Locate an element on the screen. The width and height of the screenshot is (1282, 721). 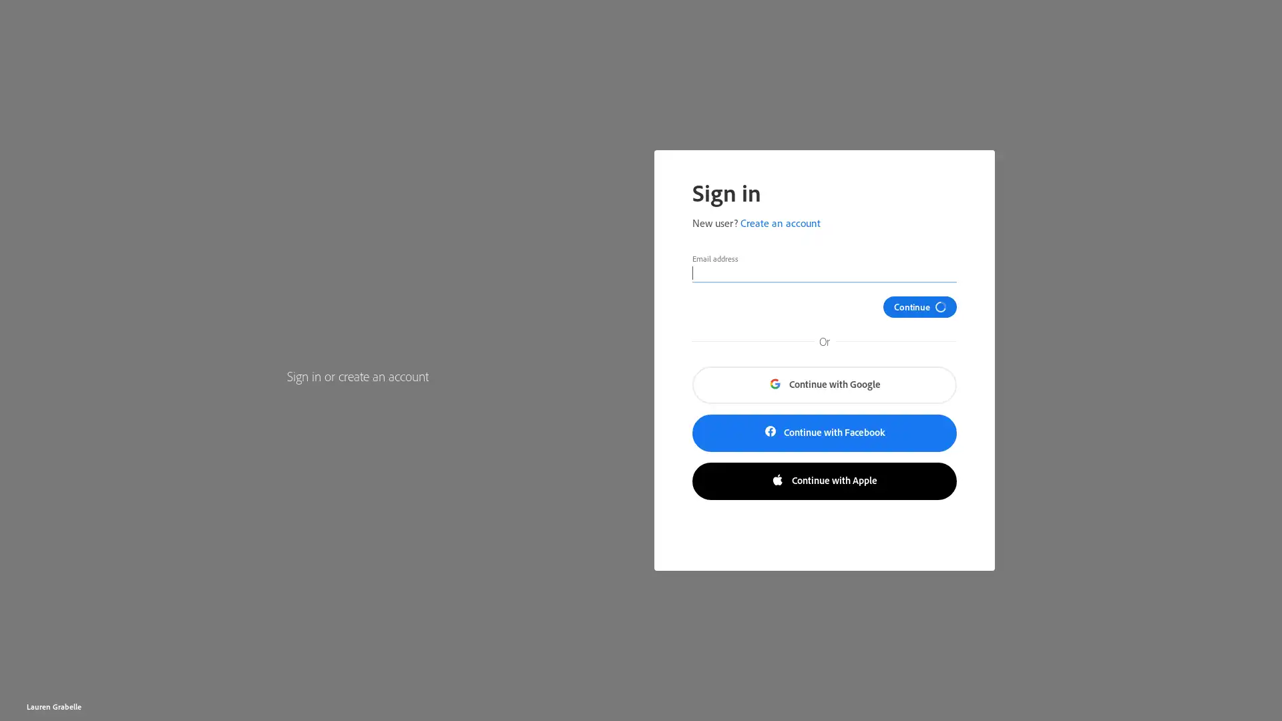
Continue with Apple is located at coordinates (823, 481).